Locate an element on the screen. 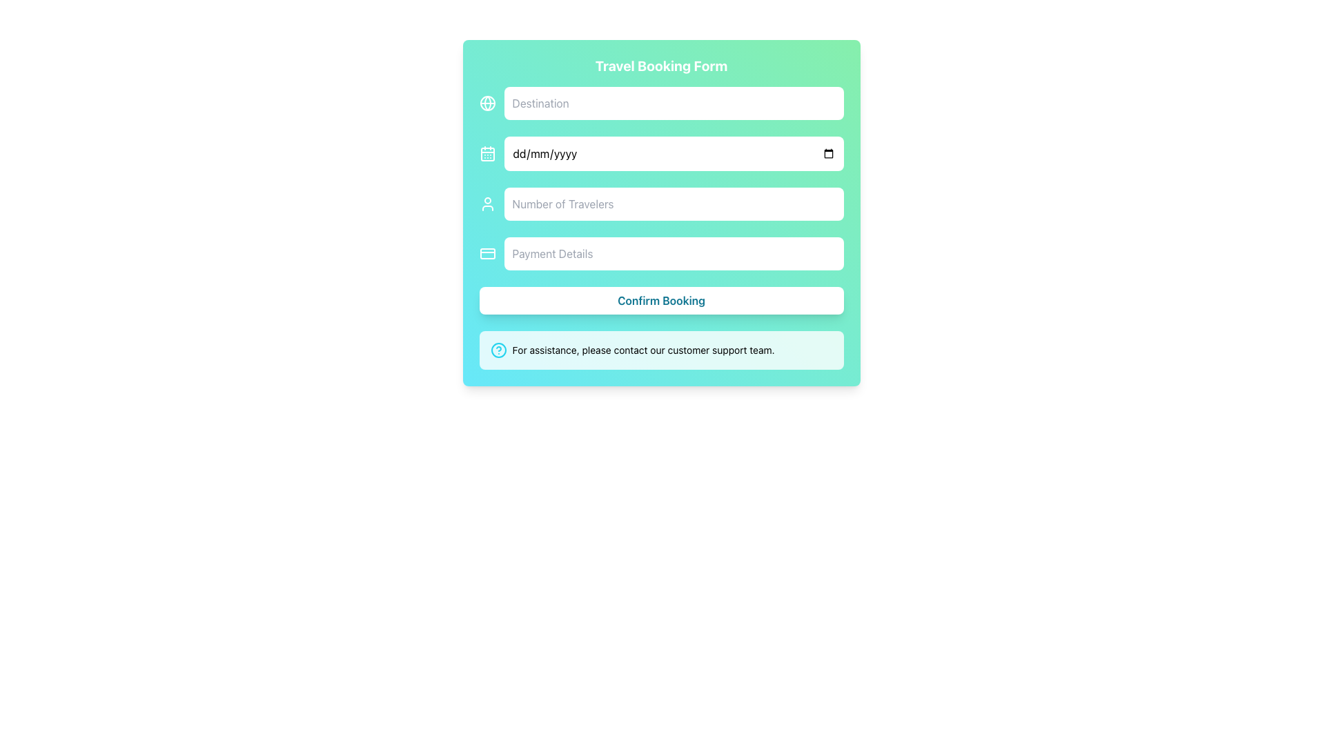 This screenshot has width=1325, height=745. the circular icon with a cyan outline and white interior, located at the bottom of the light teal panel, adjacent to the confirmation button is located at coordinates (498, 350).